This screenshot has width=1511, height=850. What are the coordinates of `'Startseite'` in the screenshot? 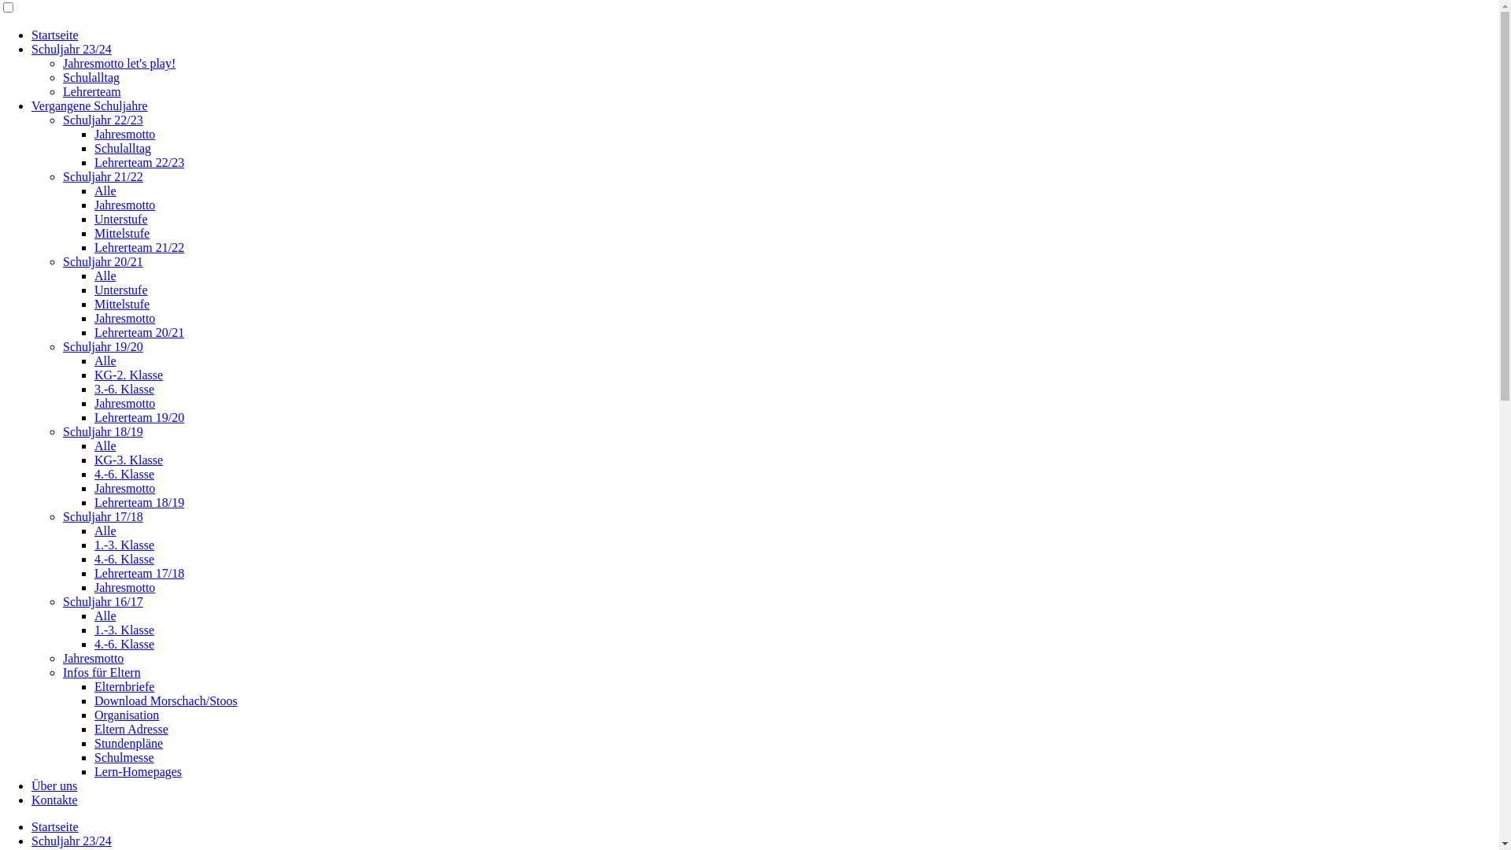 It's located at (55, 826).